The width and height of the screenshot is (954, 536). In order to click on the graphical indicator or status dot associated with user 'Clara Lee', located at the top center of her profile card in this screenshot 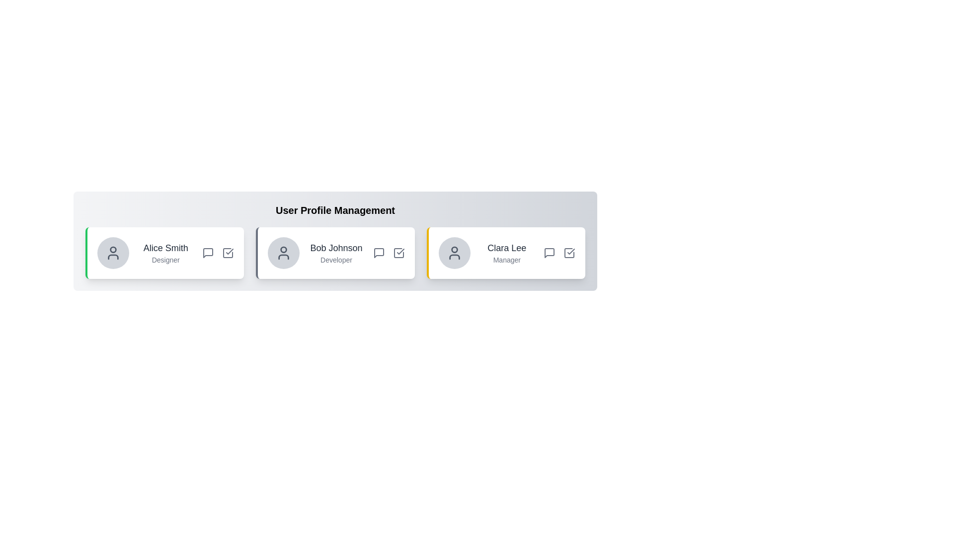, I will do `click(454, 249)`.